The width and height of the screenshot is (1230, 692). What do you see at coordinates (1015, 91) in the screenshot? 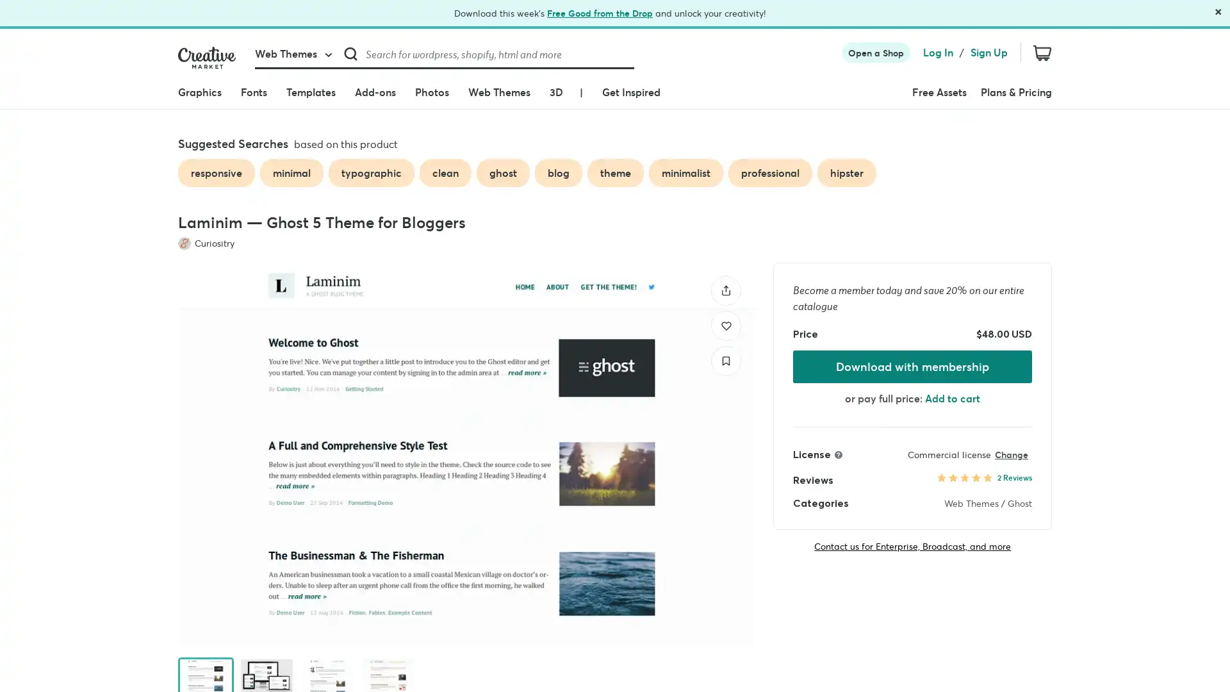
I see `Plans & Pricing` at bounding box center [1015, 91].